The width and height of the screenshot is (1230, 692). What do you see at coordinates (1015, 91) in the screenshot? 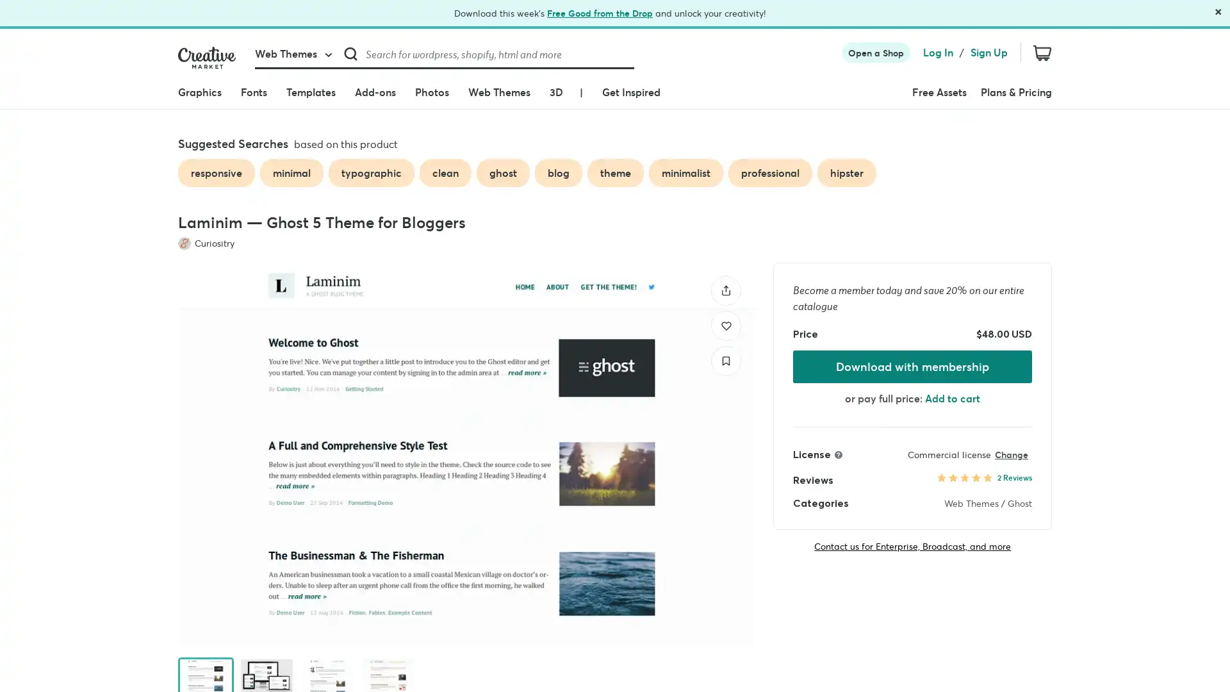
I see `Plans & Pricing` at bounding box center [1015, 91].